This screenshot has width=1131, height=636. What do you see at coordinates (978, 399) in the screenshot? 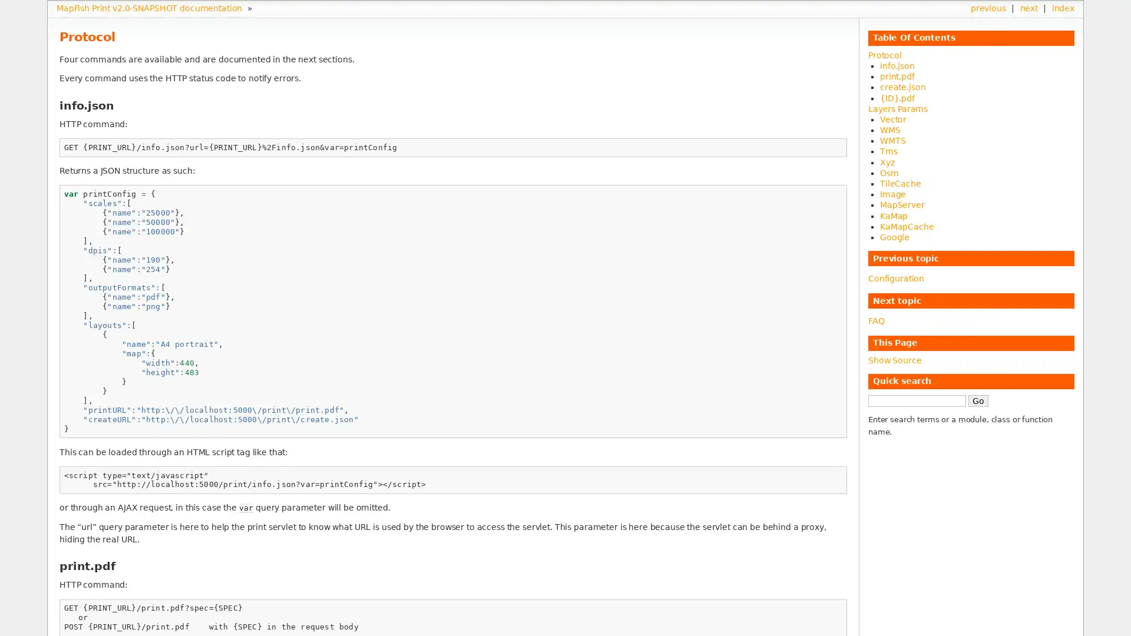
I see `Go` at bounding box center [978, 399].